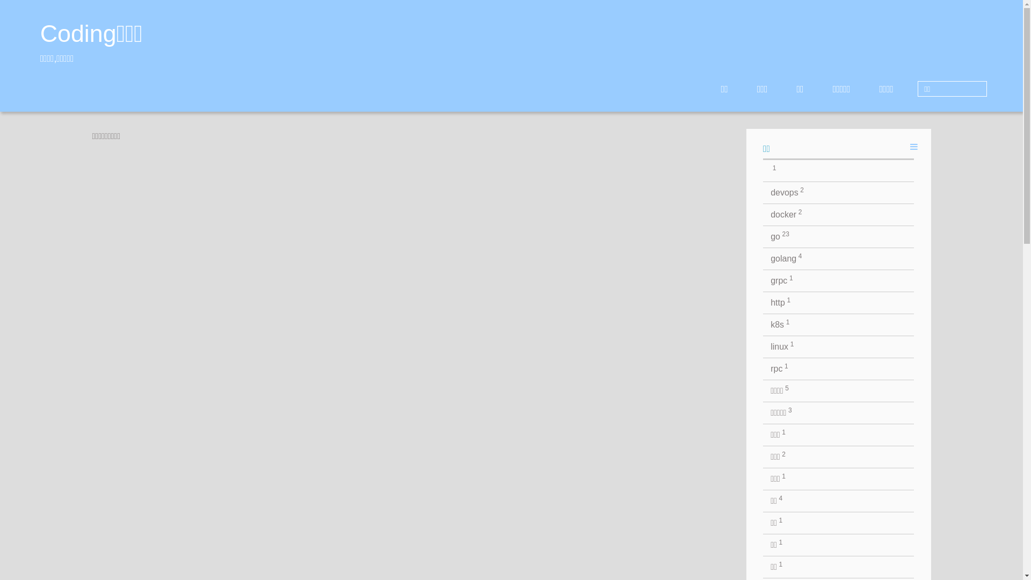 The image size is (1031, 580). What do you see at coordinates (838, 346) in the screenshot?
I see `'linux1'` at bounding box center [838, 346].